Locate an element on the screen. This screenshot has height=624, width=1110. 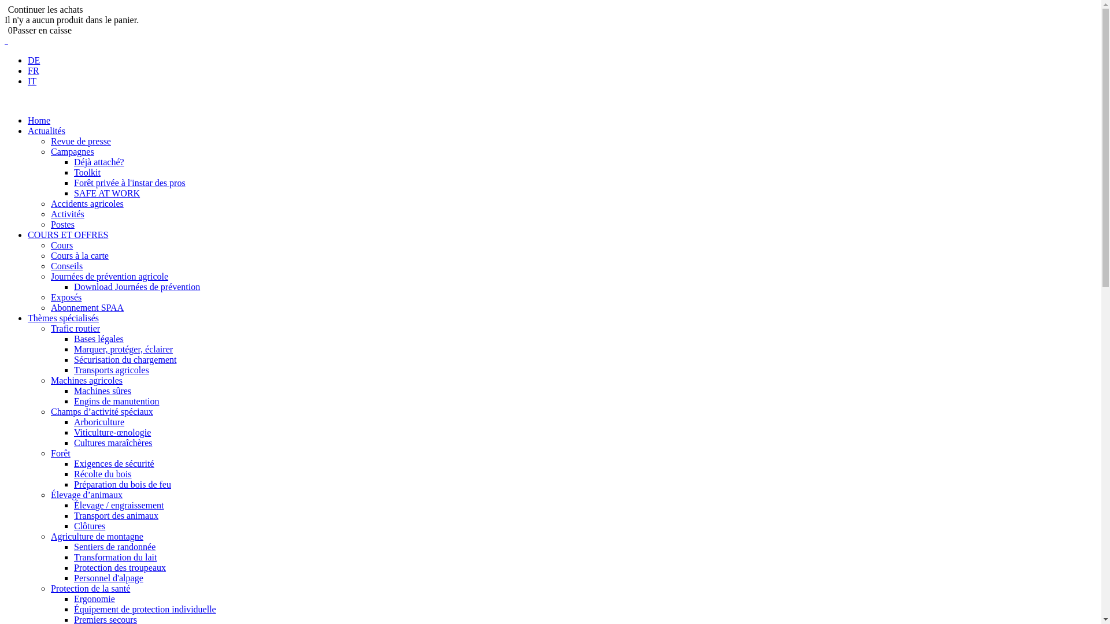
'COURS ET OFFRES' is located at coordinates (67, 234).